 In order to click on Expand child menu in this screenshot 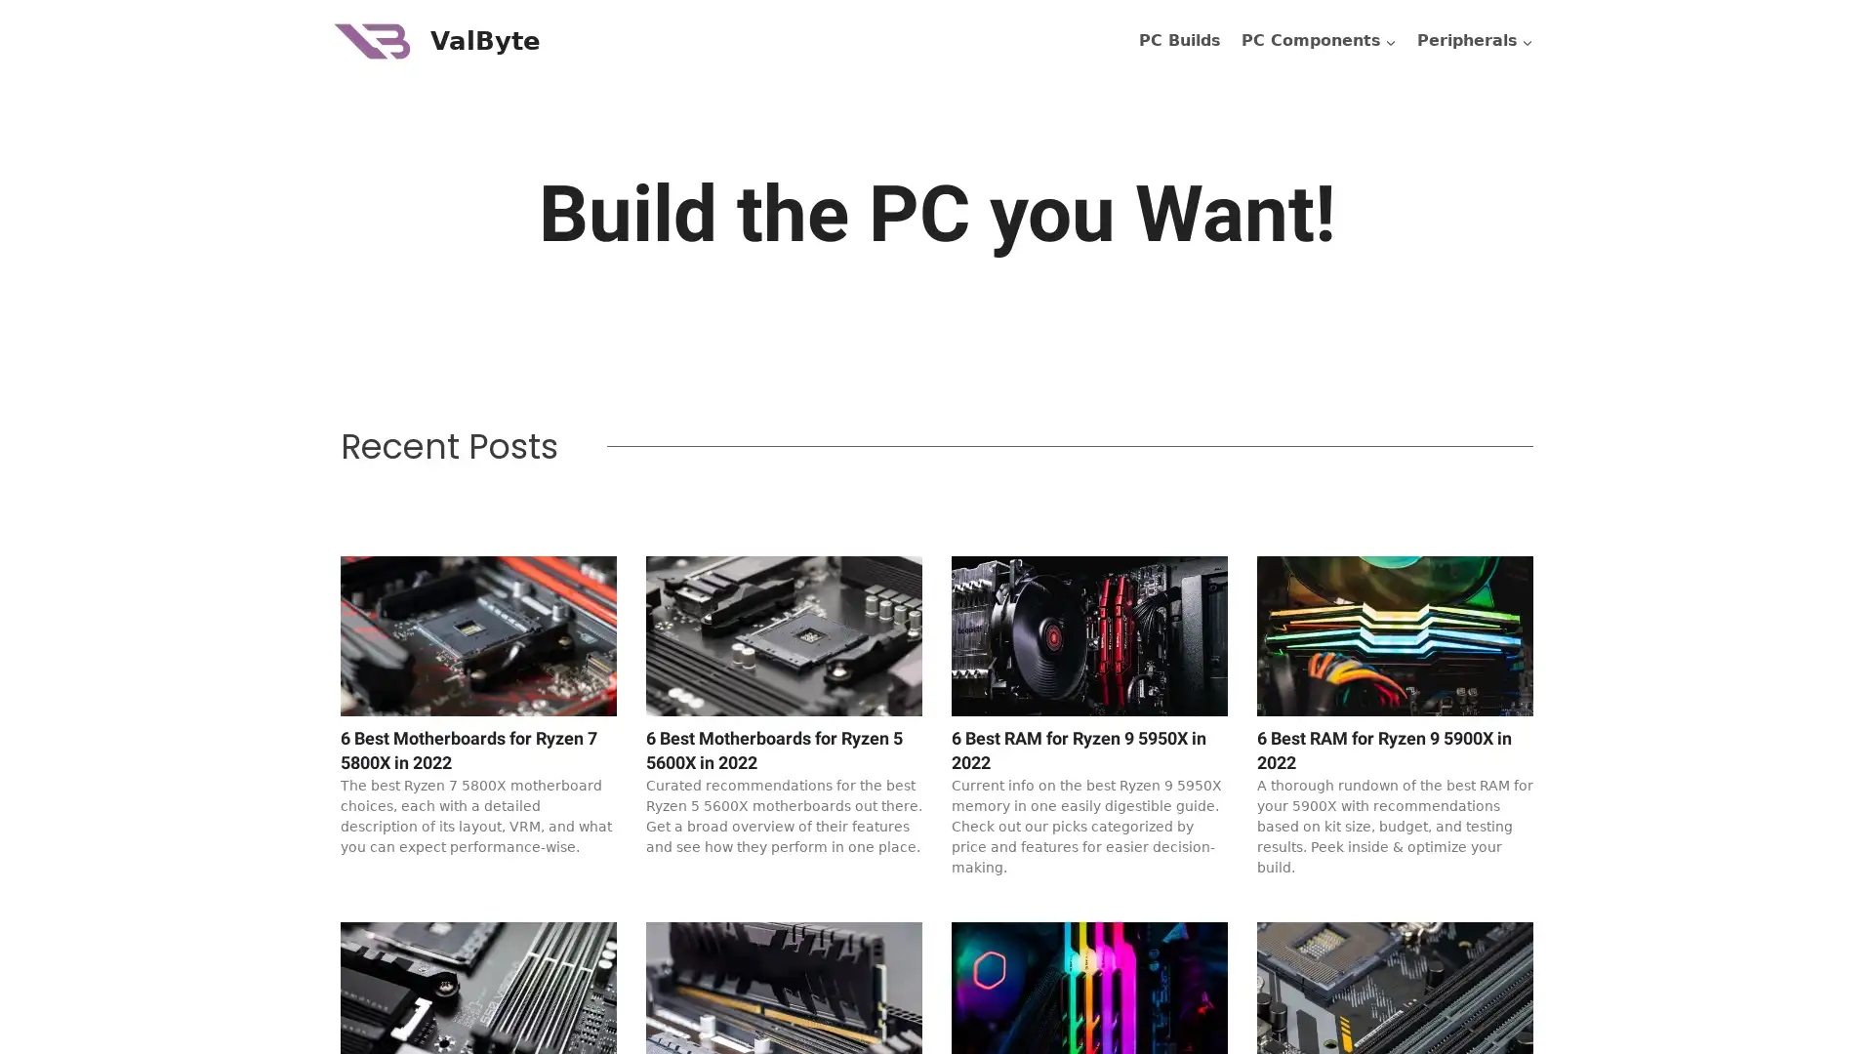, I will do `click(1475, 41)`.